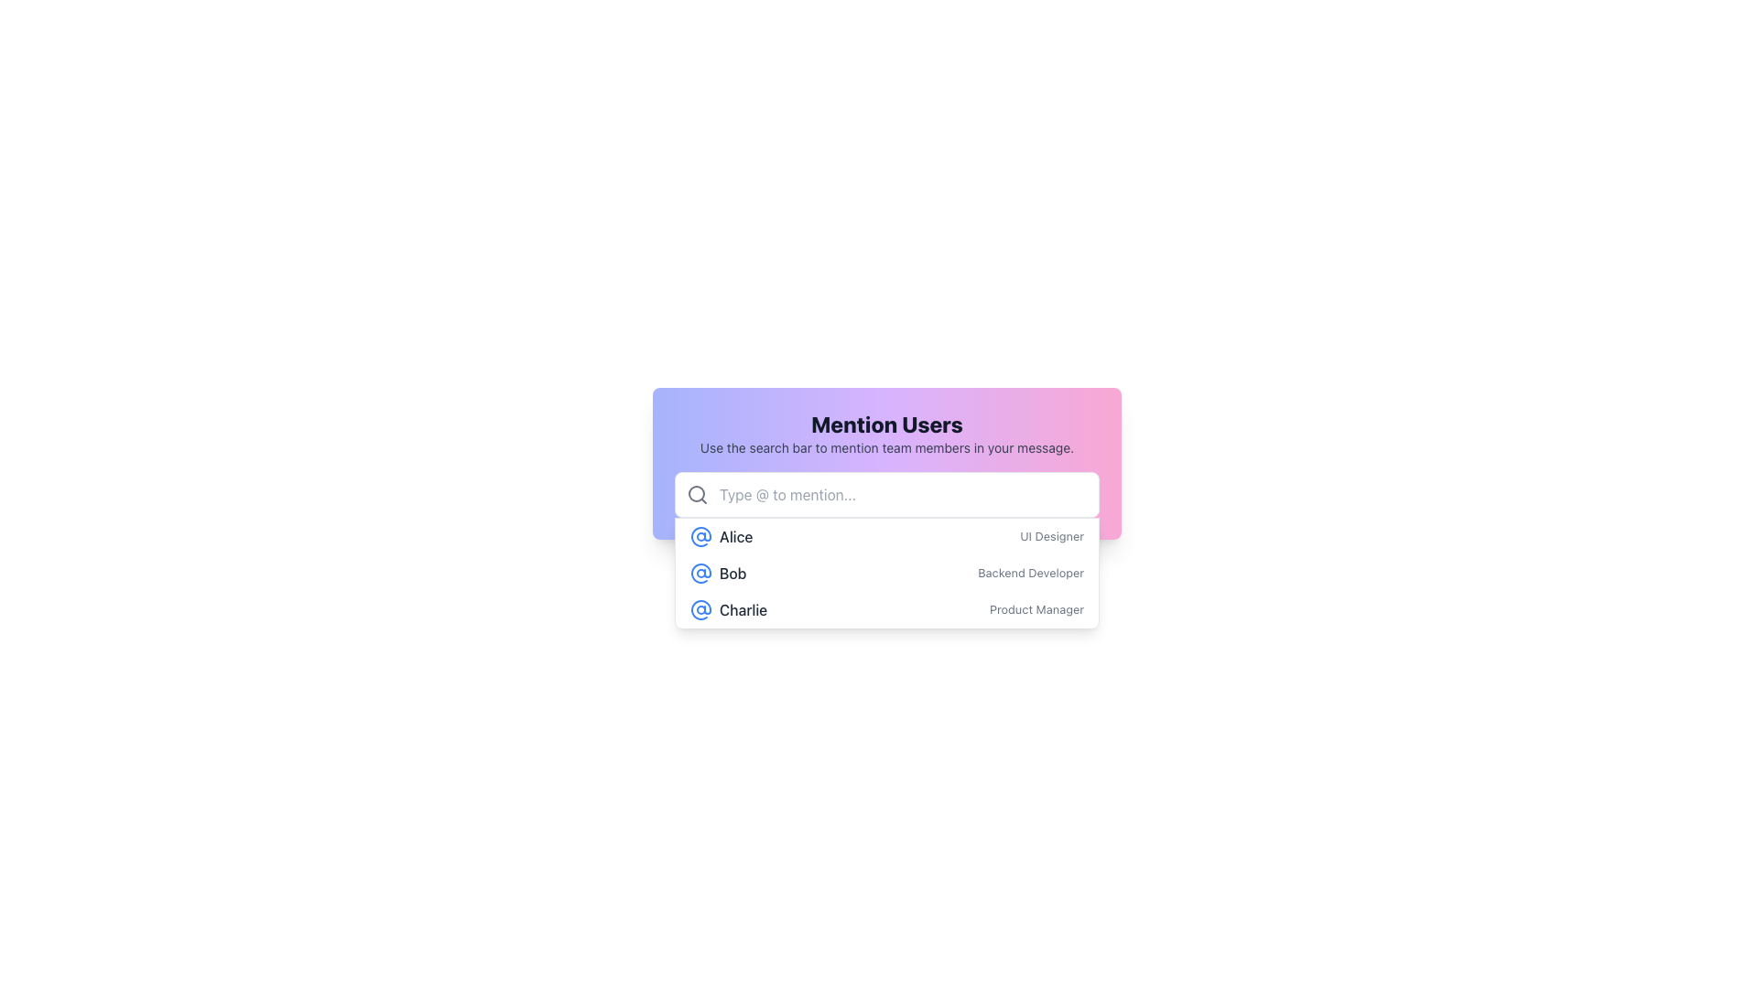  Describe the element at coordinates (887, 494) in the screenshot. I see `the search and mention input field located below the title 'Mention Users'` at that location.